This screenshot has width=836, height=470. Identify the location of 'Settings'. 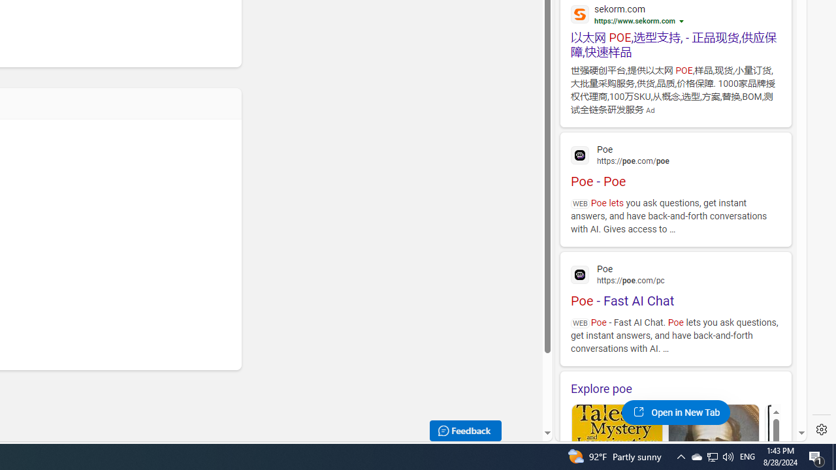
(821, 430).